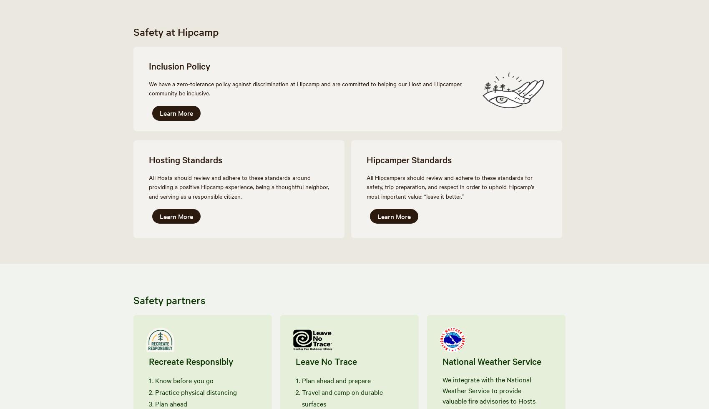 The image size is (709, 409). What do you see at coordinates (169, 299) in the screenshot?
I see `'Safety partners'` at bounding box center [169, 299].